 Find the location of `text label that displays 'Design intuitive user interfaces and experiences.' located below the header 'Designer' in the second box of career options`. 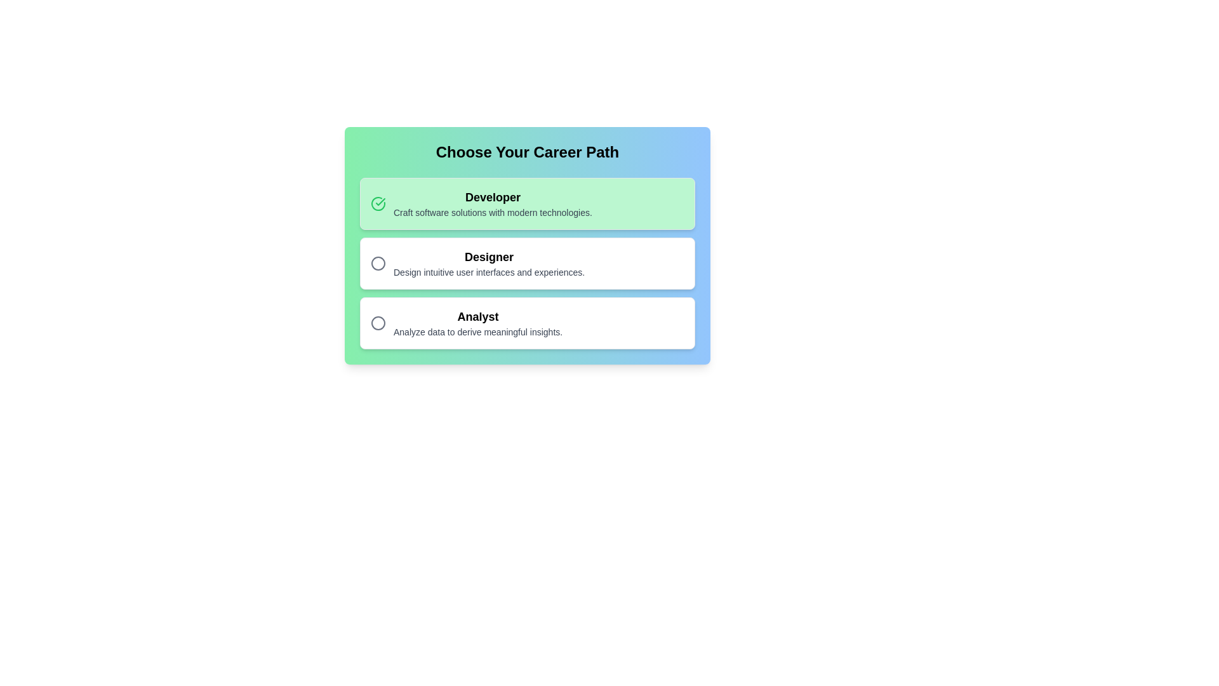

text label that displays 'Design intuitive user interfaces and experiences.' located below the header 'Designer' in the second box of career options is located at coordinates (488, 271).